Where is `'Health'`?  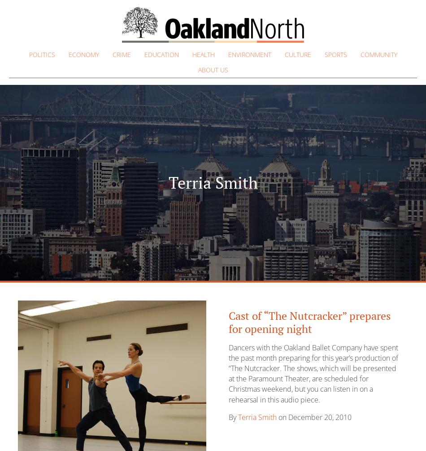 'Health' is located at coordinates (202, 54).